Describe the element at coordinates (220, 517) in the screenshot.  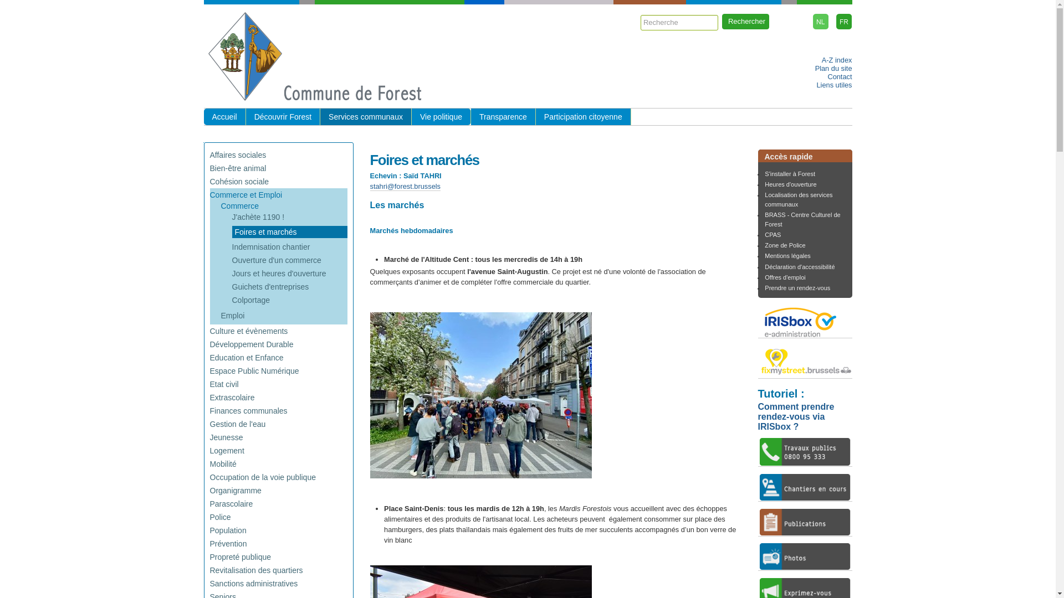
I see `'Police'` at that location.